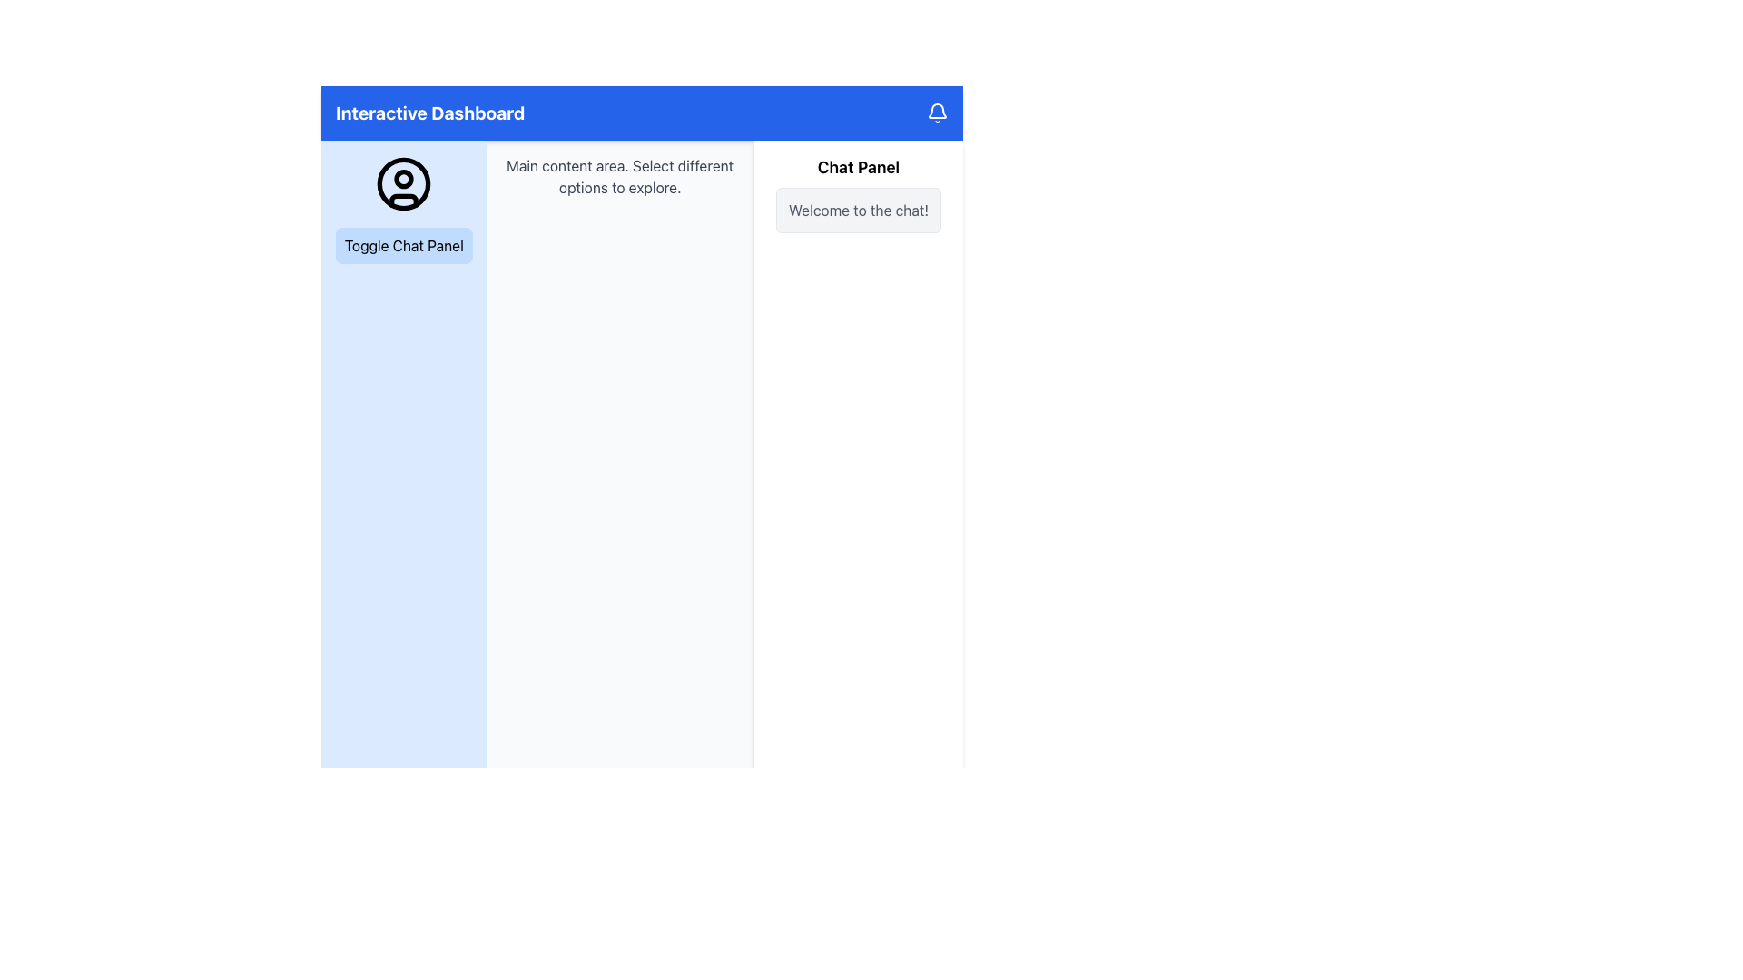 This screenshot has width=1743, height=980. What do you see at coordinates (857, 168) in the screenshot?
I see `the Text Label that identifies the associated chat panel section, located at the top part of a vertical panel on the right side of the interface` at bounding box center [857, 168].